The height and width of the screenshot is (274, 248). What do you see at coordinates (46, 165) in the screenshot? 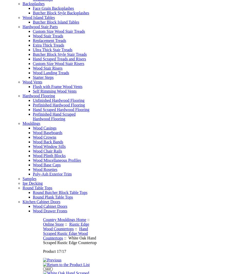
I see `'Wood Base Caps'` at bounding box center [46, 165].